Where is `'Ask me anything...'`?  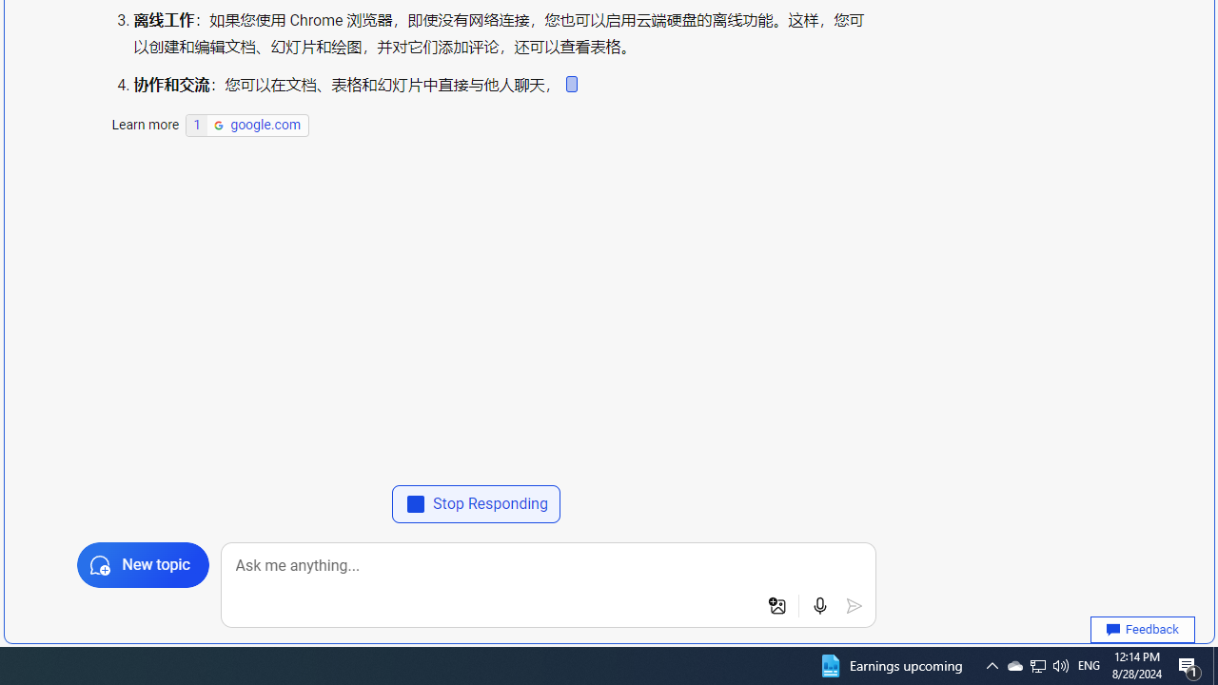
'Ask me anything...' is located at coordinates (547, 565).